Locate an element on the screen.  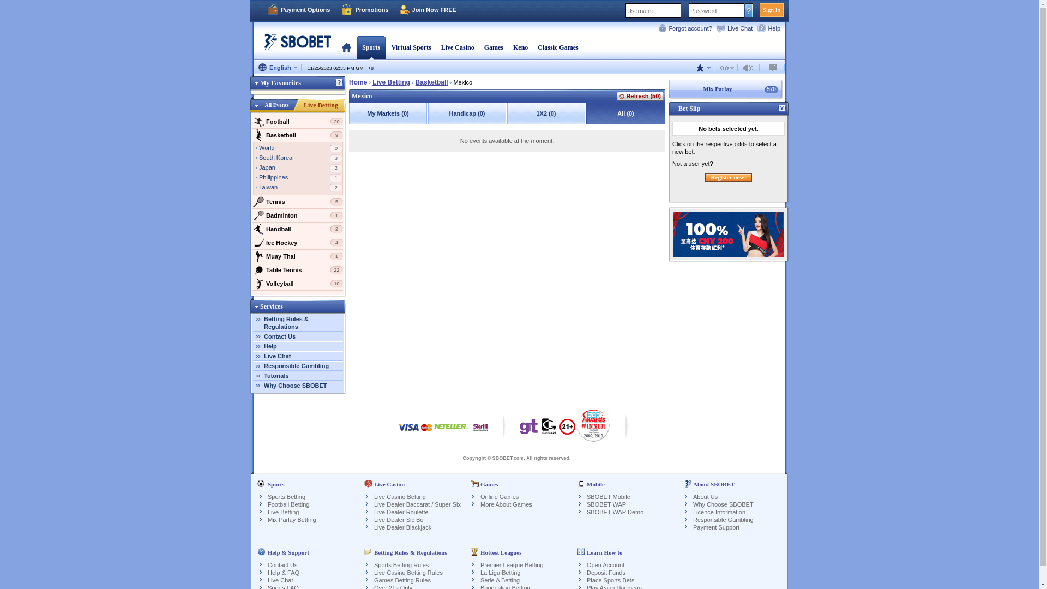
'Register now!' is located at coordinates (729, 177).